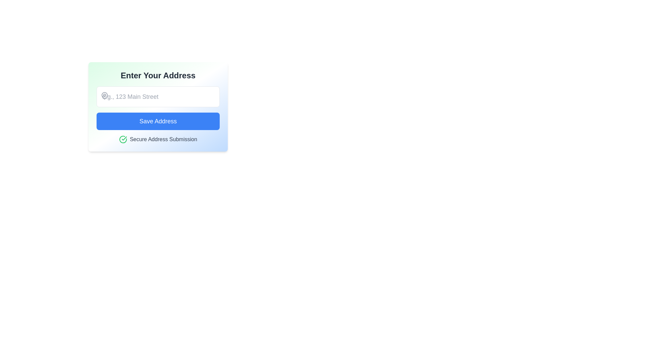 This screenshot has width=646, height=363. I want to click on the 'Save Address' button with a blue background and white text, so click(158, 106).